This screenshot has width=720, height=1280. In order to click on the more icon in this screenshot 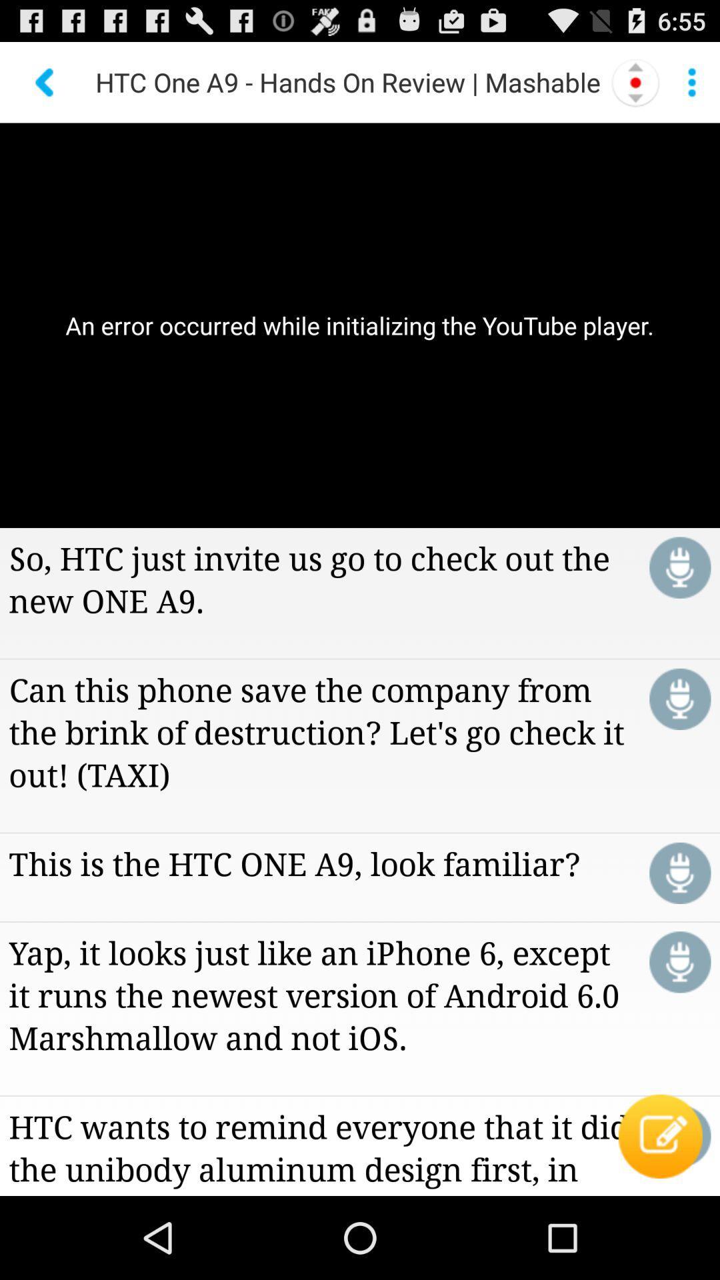, I will do `click(691, 87)`.